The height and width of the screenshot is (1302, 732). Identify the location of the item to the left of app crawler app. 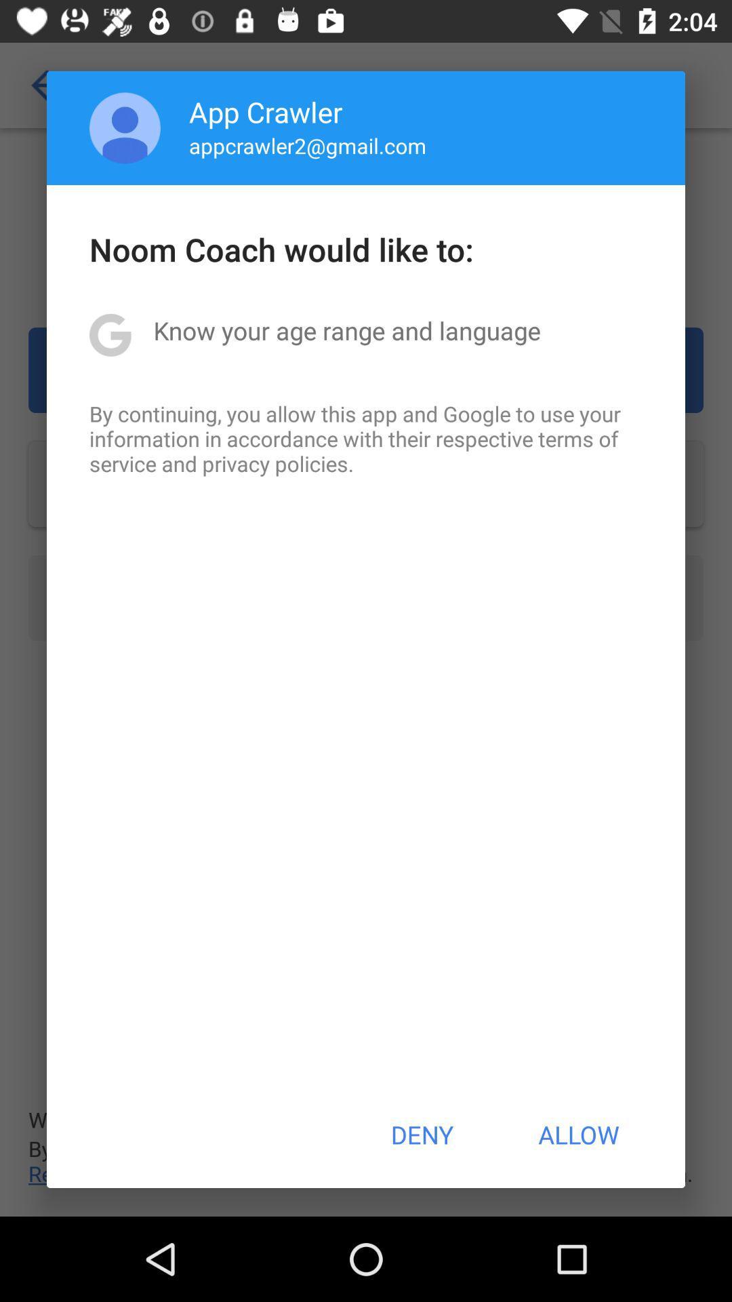
(125, 127).